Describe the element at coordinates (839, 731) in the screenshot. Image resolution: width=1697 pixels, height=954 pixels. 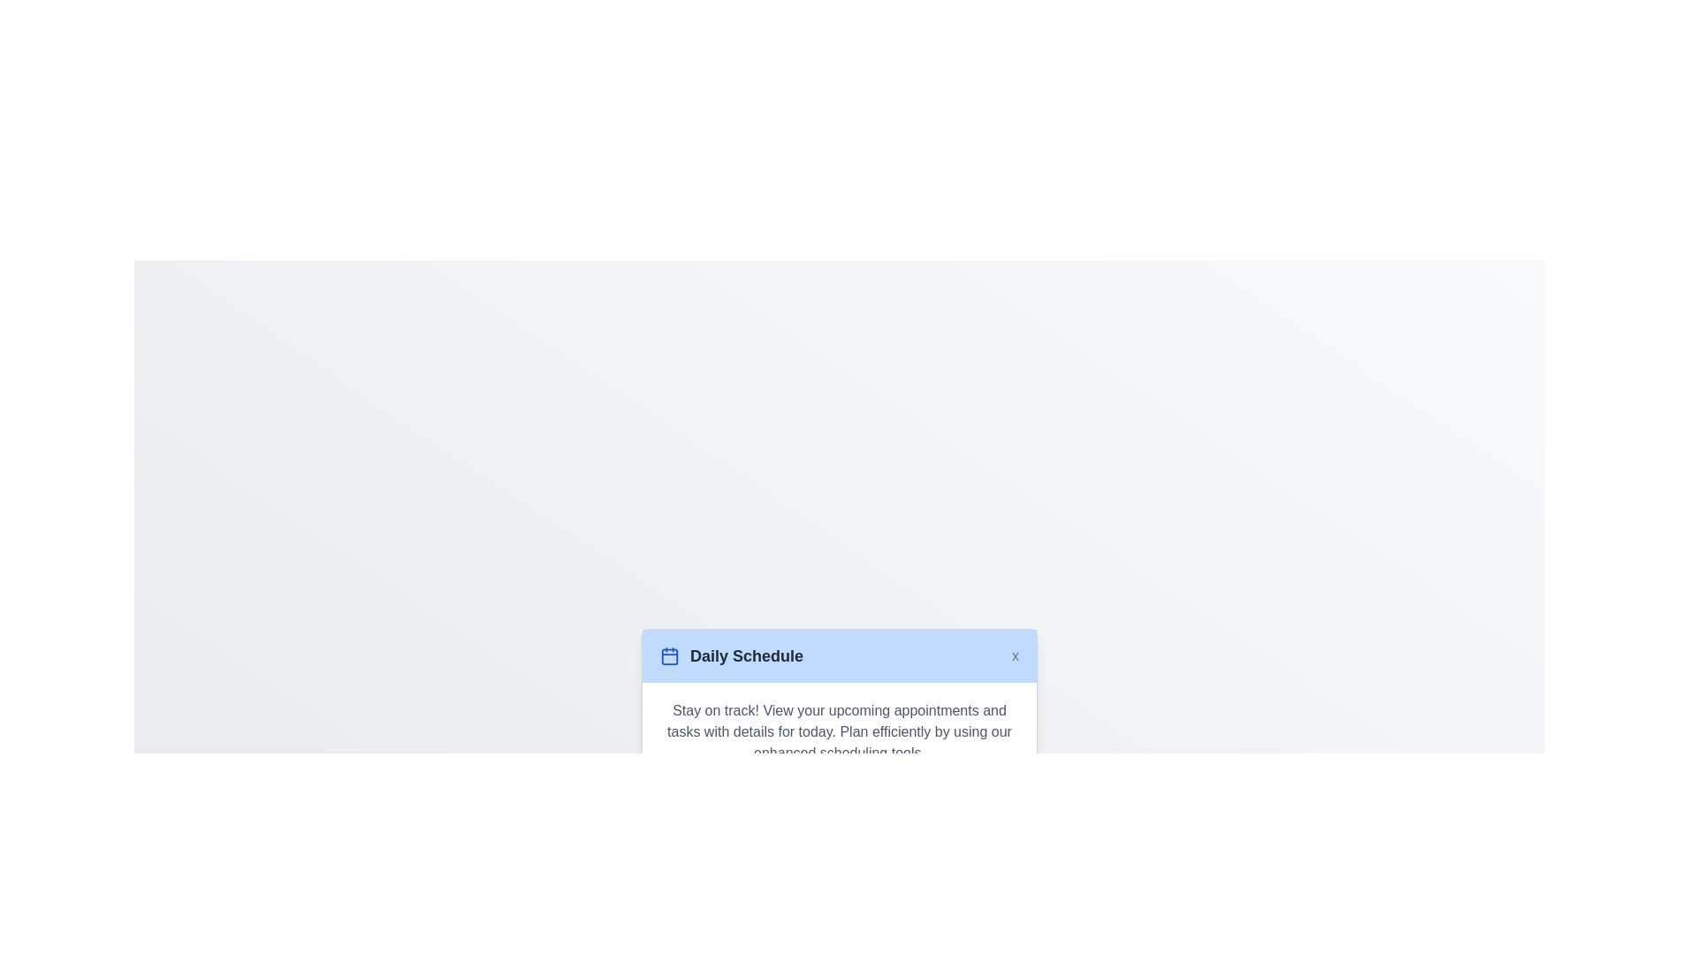
I see `the text block that provides information about scheduling and planning tasks, located under the 'Daily Schedule' heading in a blue card UI element` at that location.